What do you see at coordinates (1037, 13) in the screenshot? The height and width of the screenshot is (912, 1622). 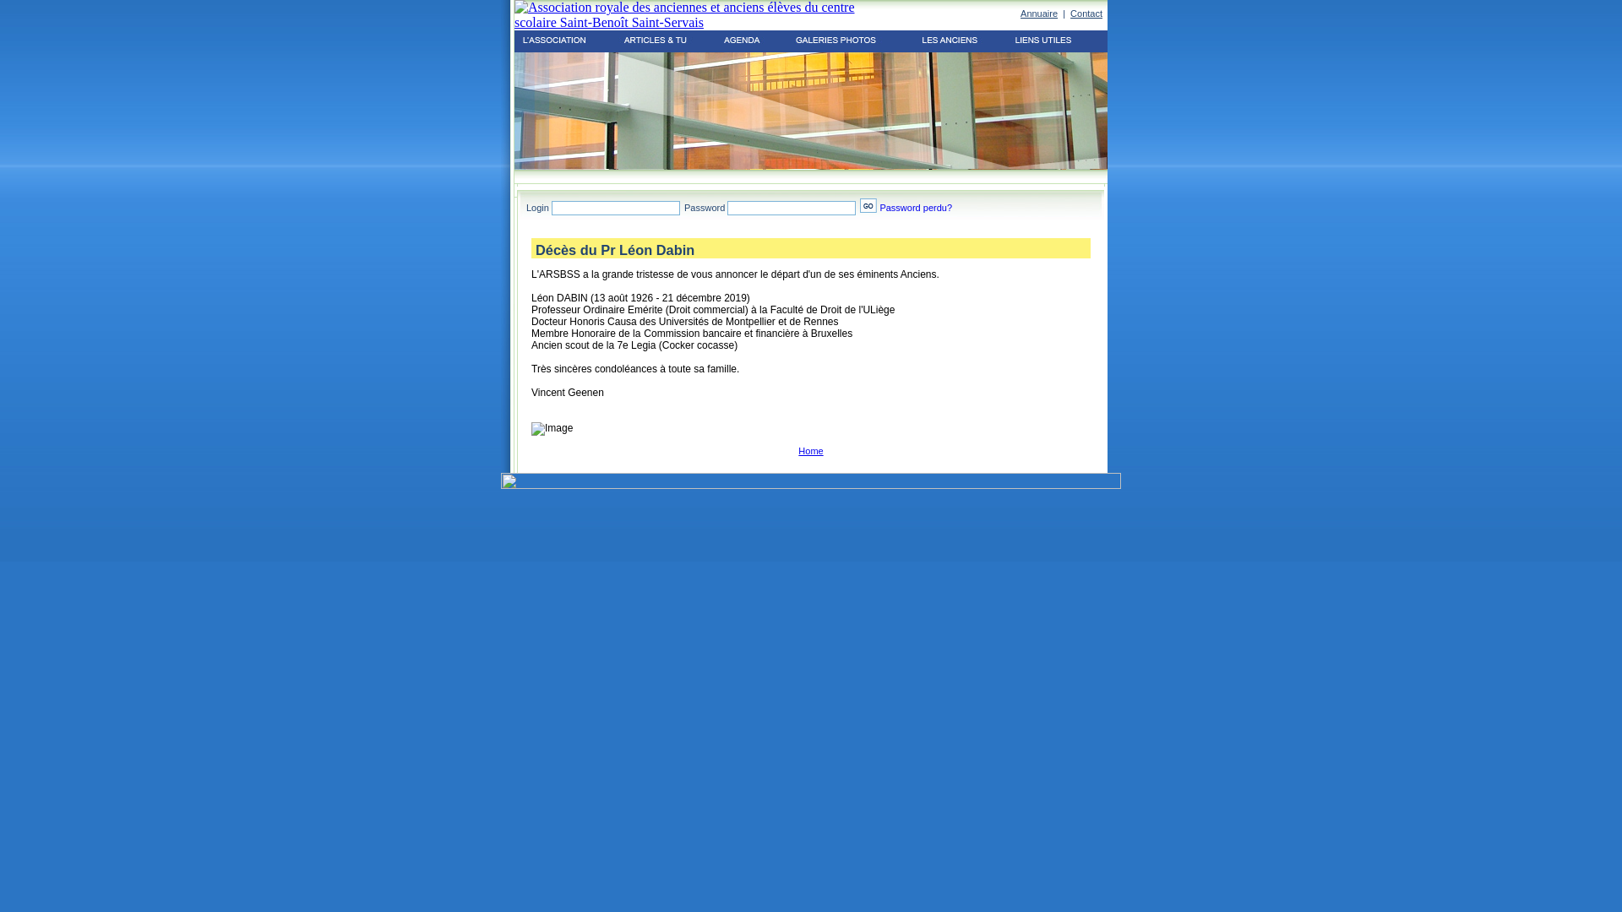 I see `'Annuaire'` at bounding box center [1037, 13].